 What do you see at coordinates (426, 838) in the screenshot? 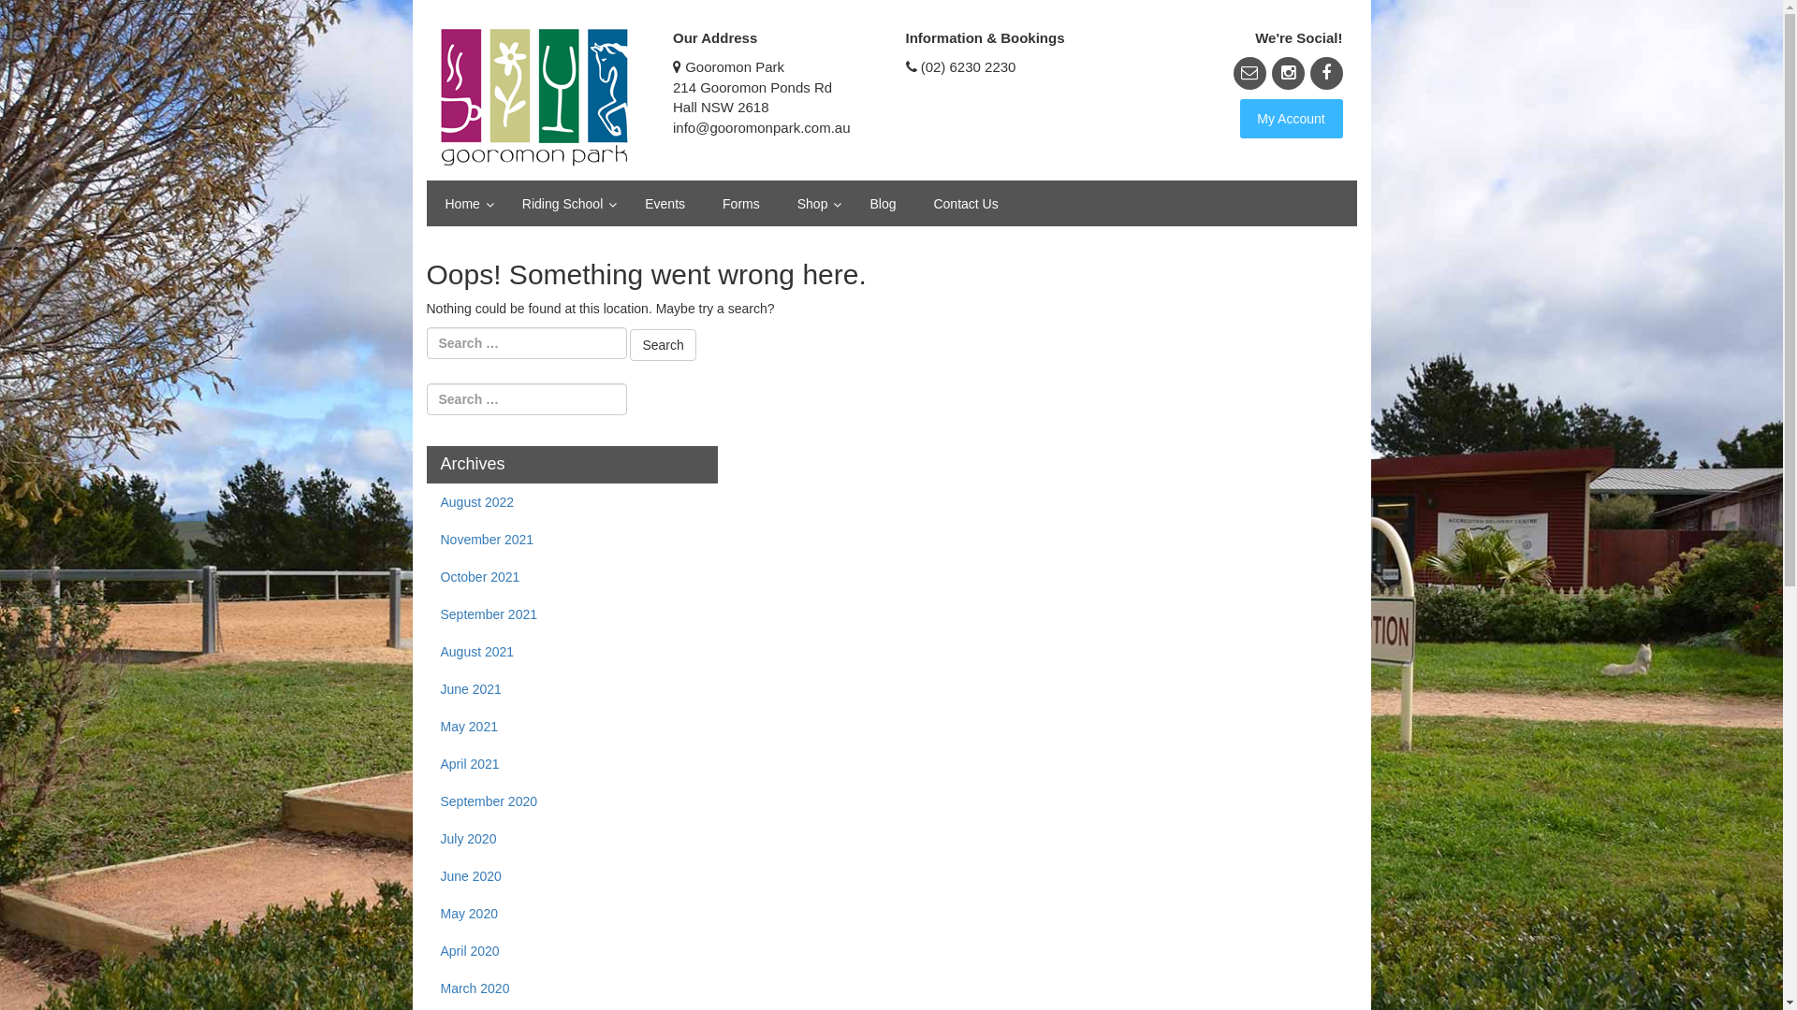
I see `'July 2020'` at bounding box center [426, 838].